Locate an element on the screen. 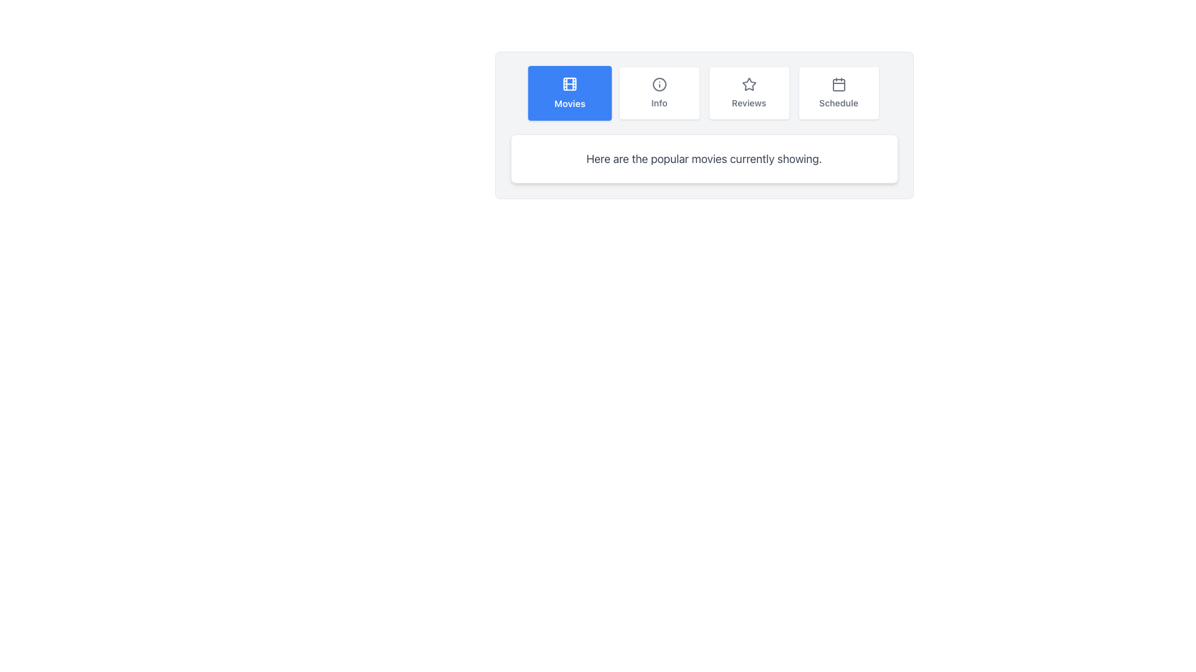 The width and height of the screenshot is (1196, 672). the informational icon represented by a circular outline with an 'i' inside, located in the 'Info' section above the text label 'Info' is located at coordinates (658, 84).